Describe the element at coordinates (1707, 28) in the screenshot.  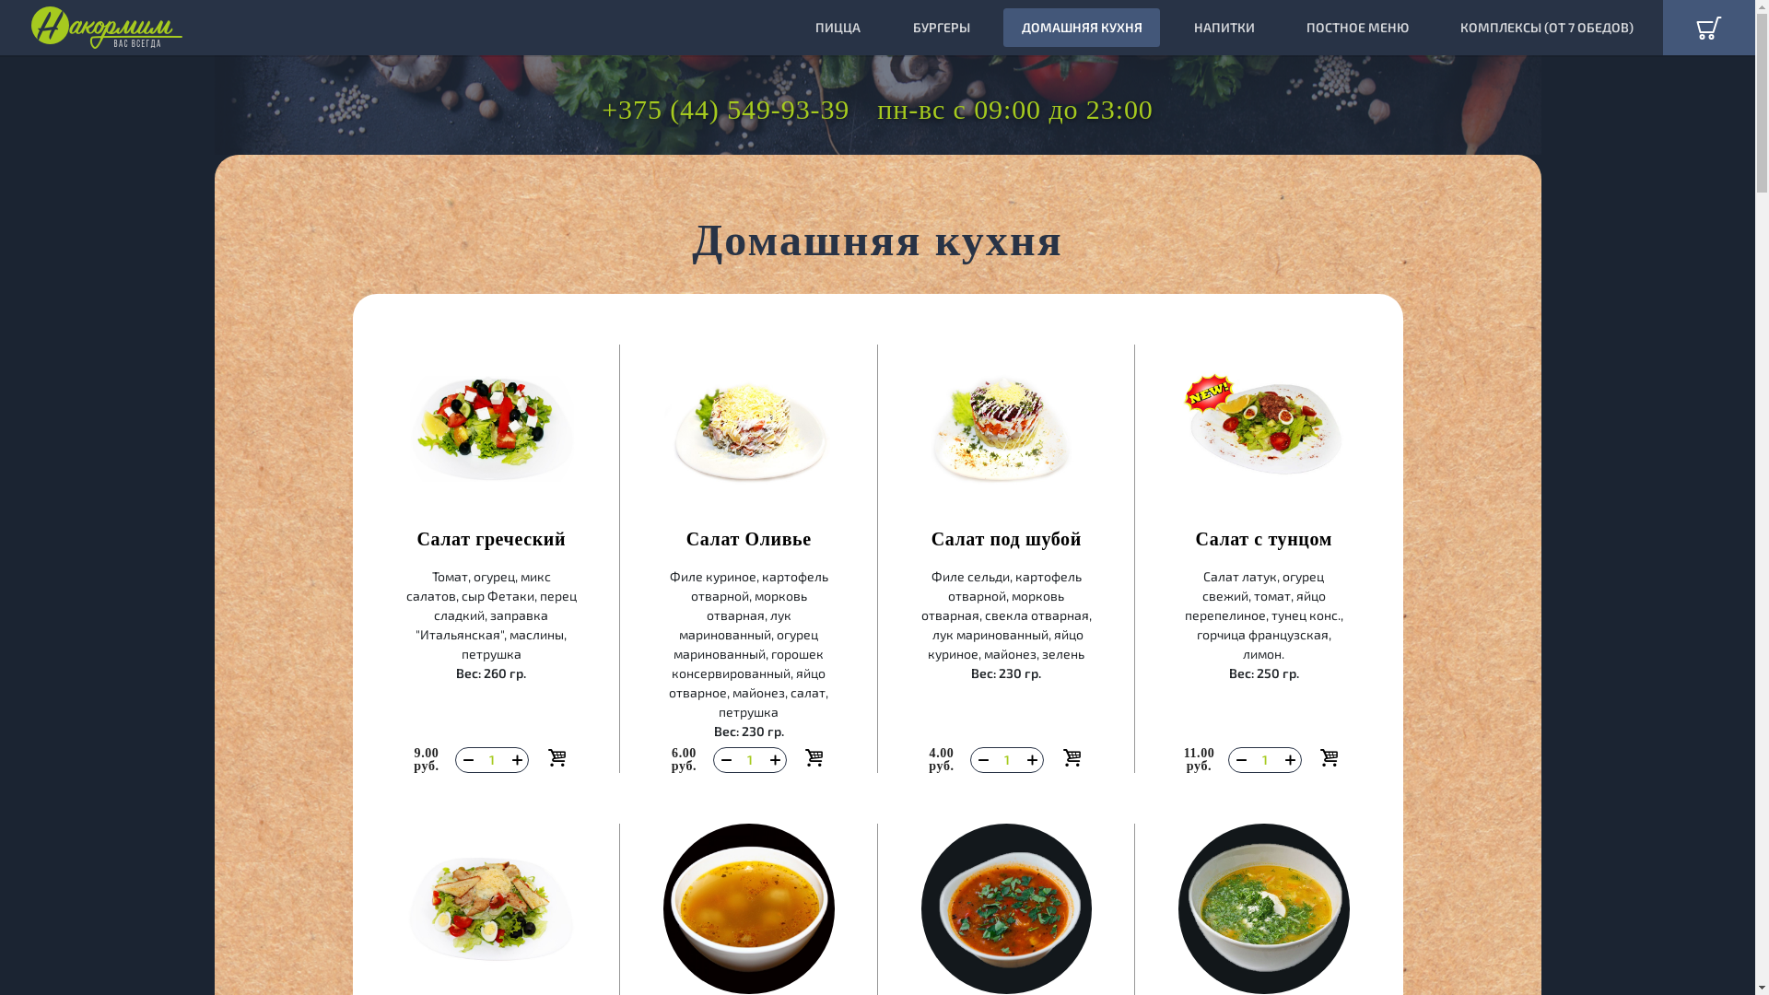
I see `'Cart'` at that location.